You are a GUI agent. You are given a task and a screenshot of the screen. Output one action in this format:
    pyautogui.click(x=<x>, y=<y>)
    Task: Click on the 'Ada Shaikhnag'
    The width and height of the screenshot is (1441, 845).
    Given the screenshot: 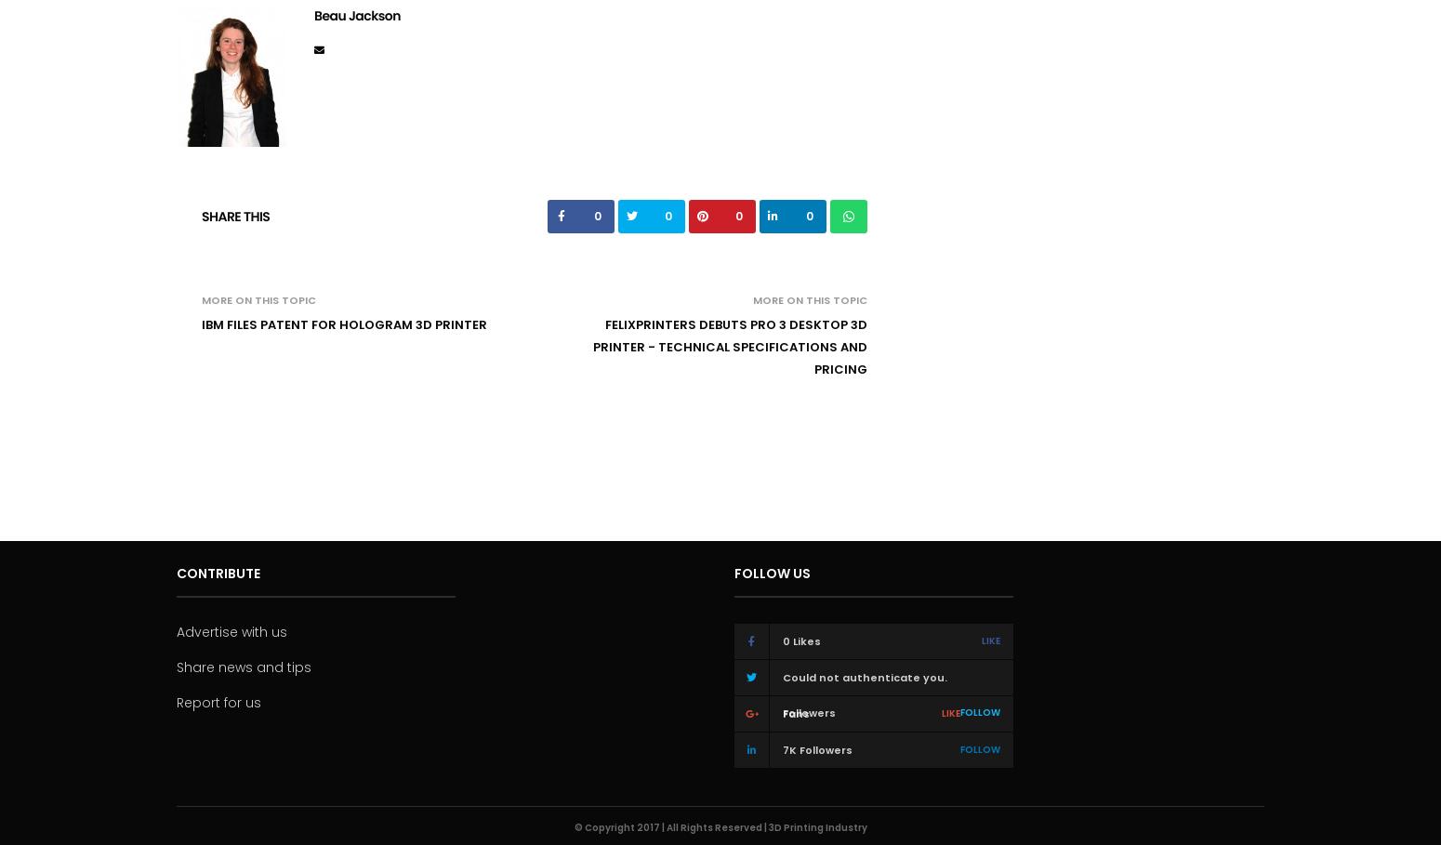 What is the action you would take?
    pyautogui.click(x=1000, y=522)
    